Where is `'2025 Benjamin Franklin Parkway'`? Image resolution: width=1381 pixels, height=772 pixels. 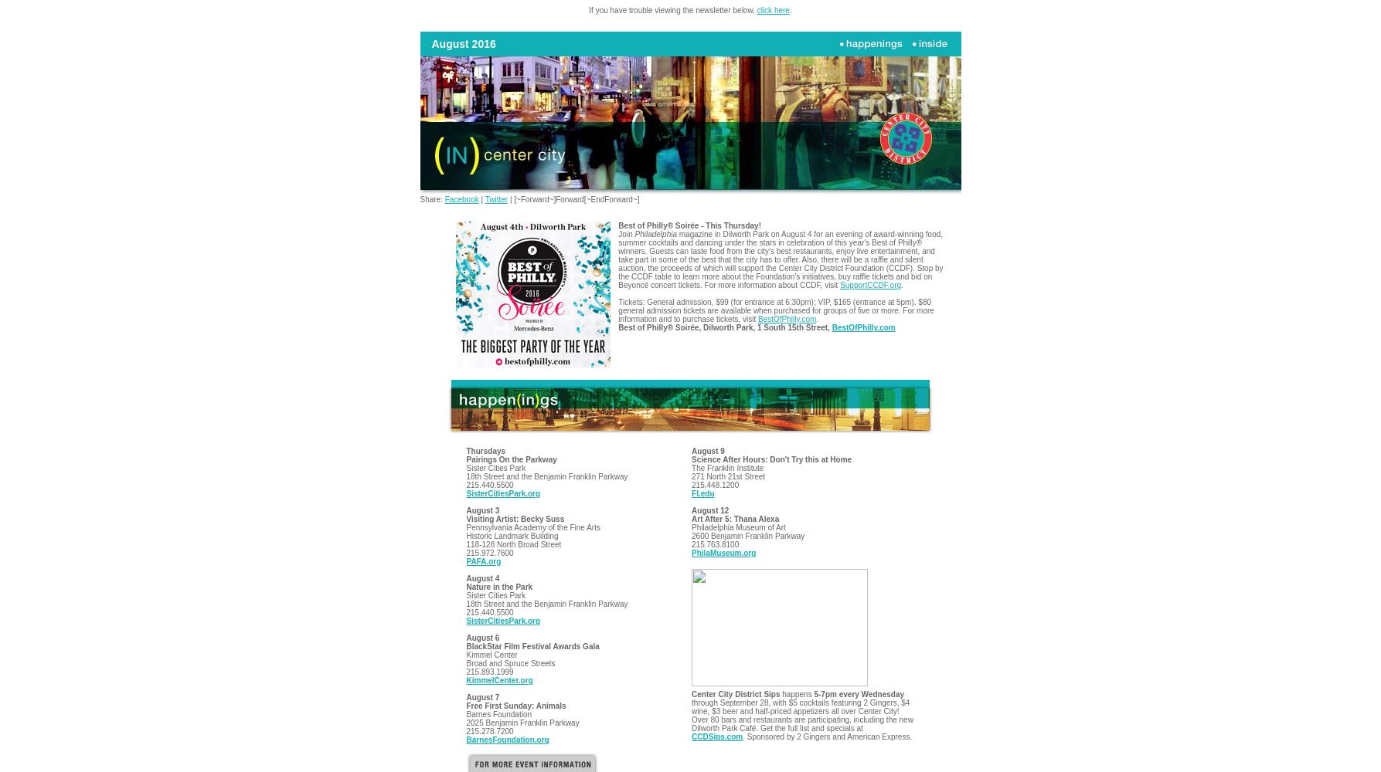
'2025 Benjamin Franklin Parkway' is located at coordinates (522, 723).